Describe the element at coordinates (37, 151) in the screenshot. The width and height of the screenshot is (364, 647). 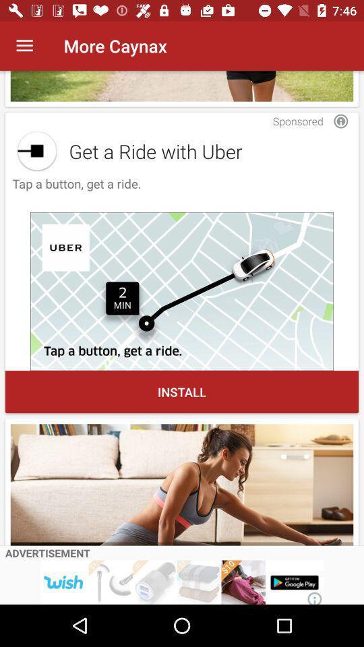
I see `open app` at that location.